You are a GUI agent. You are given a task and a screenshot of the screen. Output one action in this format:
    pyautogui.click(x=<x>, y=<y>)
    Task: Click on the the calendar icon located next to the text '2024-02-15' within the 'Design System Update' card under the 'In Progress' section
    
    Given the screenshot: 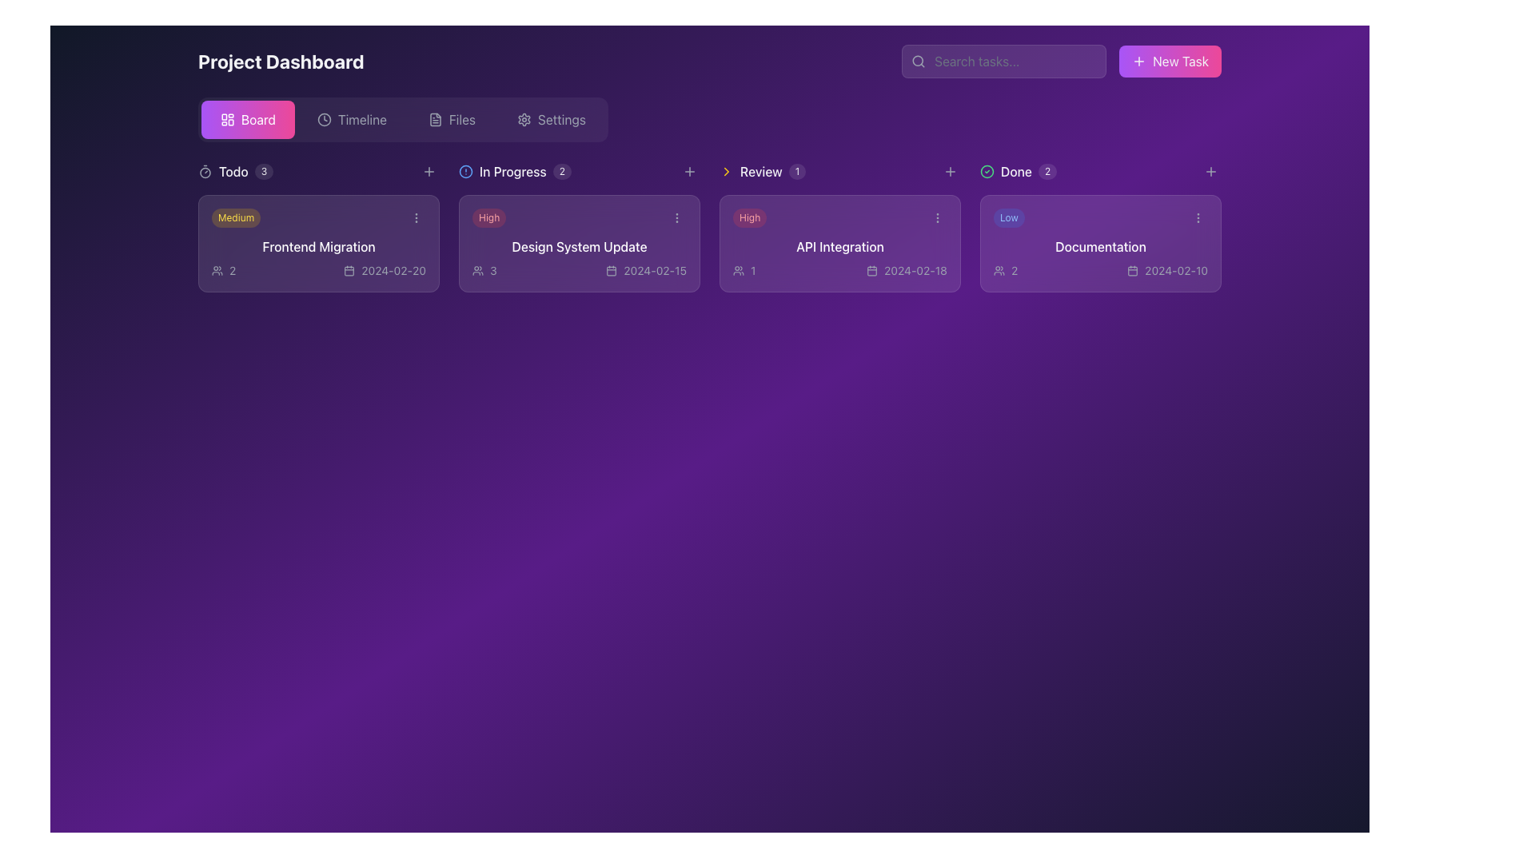 What is the action you would take?
    pyautogui.click(x=611, y=270)
    